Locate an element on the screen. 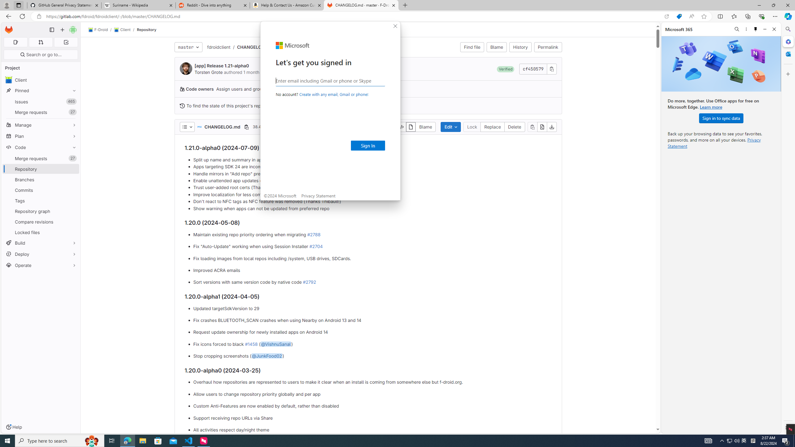 This screenshot has width=795, height=447. 'Copy commit SHA' is located at coordinates (552, 69).